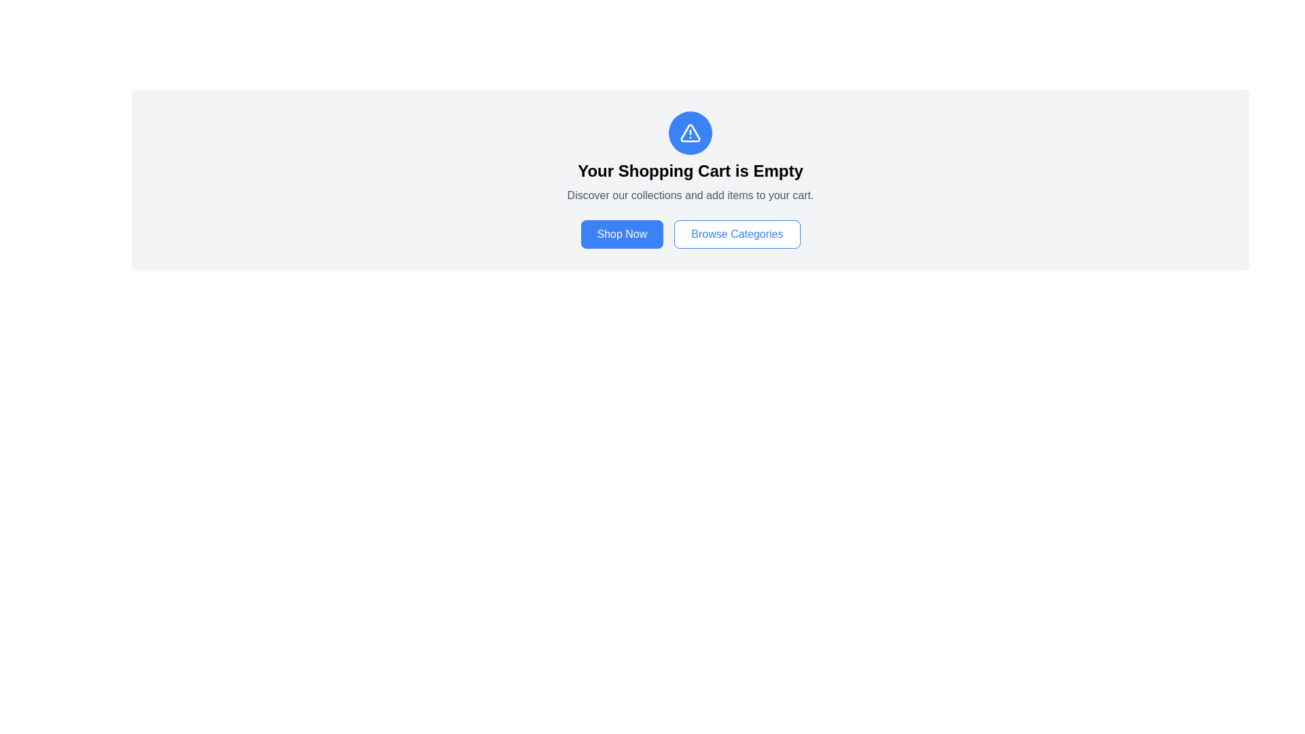  Describe the element at coordinates (736, 233) in the screenshot. I see `the 'Browse Categories' button, which is a rectangular button with rounded corners, a white background, and blue text, located to the right of the 'Shop Now' button` at that location.